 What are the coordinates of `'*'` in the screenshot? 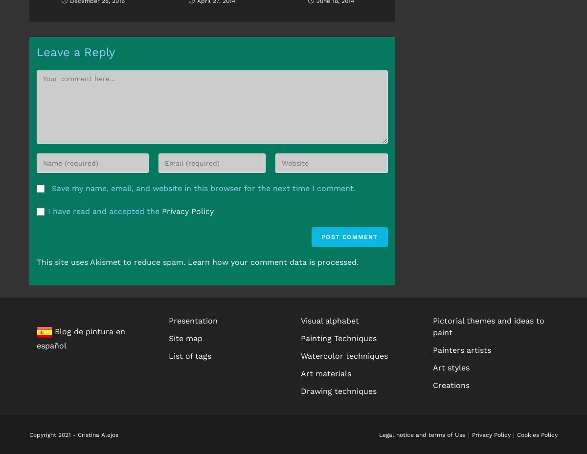 It's located at (217, 210).